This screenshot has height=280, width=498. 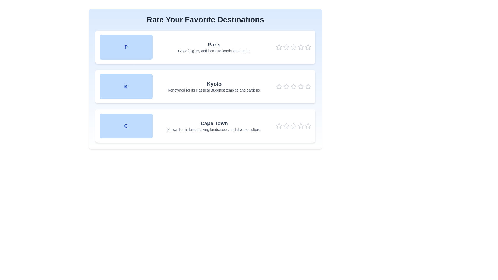 I want to click on the fifth star-shaped rating icon with a gray outline, so click(x=308, y=126).